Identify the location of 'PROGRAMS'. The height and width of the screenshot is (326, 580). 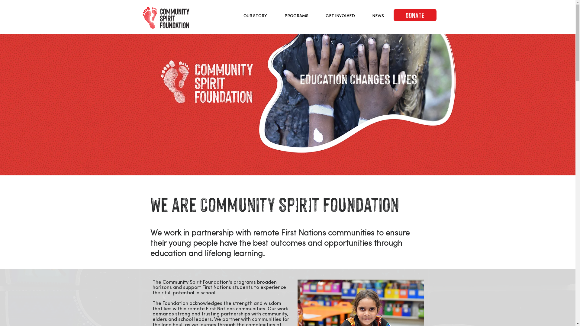
(296, 15).